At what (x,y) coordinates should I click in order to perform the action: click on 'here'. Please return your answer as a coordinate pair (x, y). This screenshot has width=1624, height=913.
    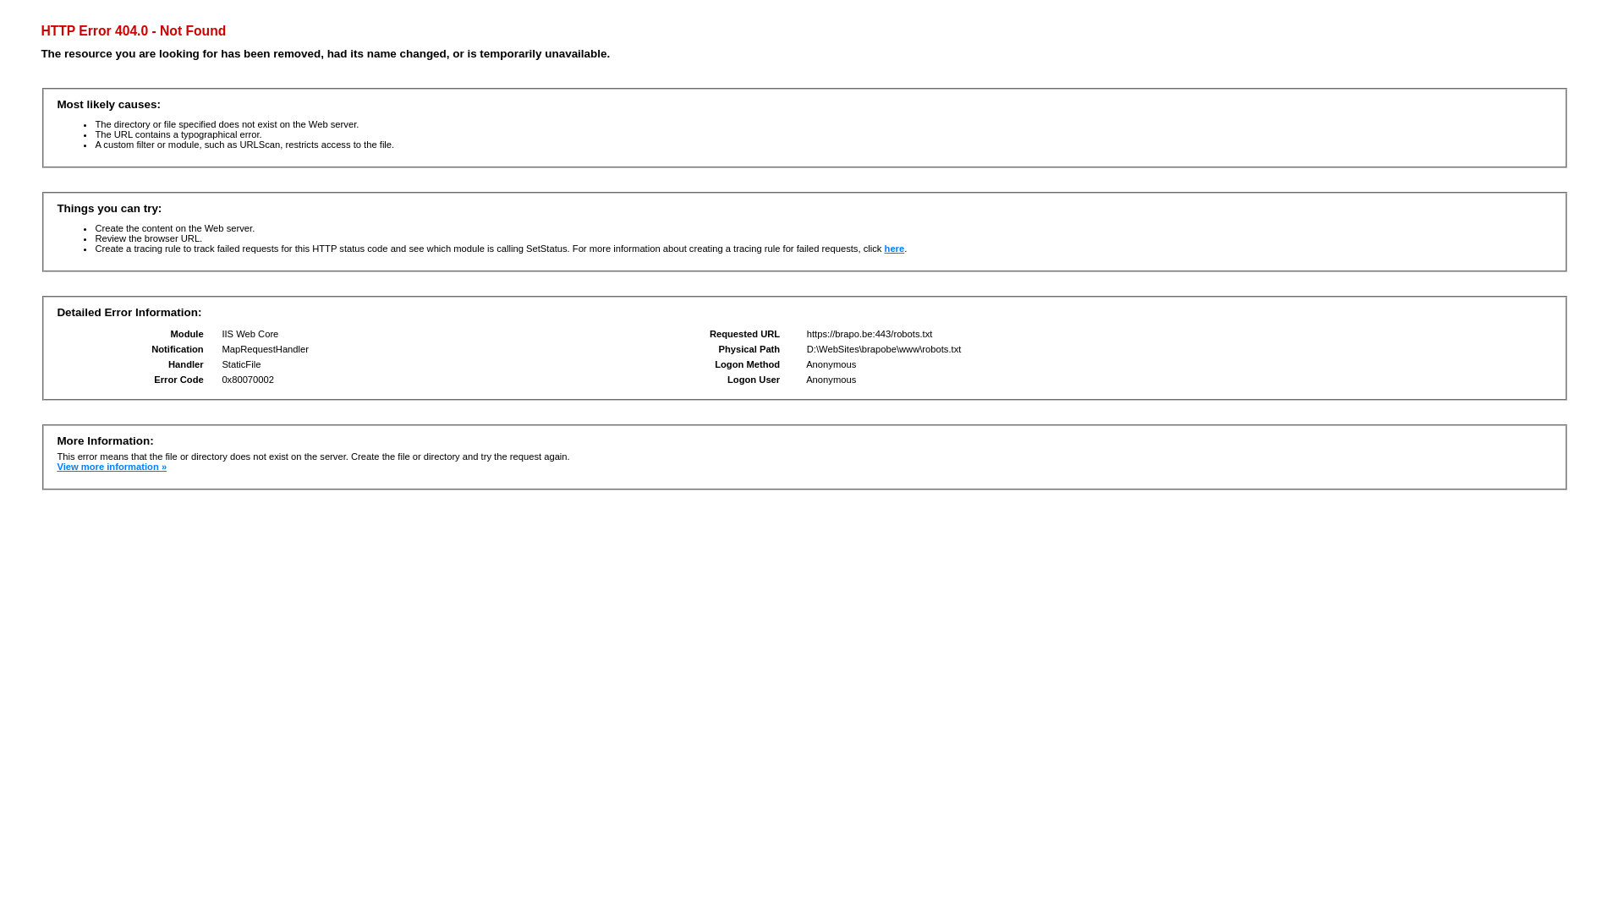
    Looking at the image, I should click on (893, 248).